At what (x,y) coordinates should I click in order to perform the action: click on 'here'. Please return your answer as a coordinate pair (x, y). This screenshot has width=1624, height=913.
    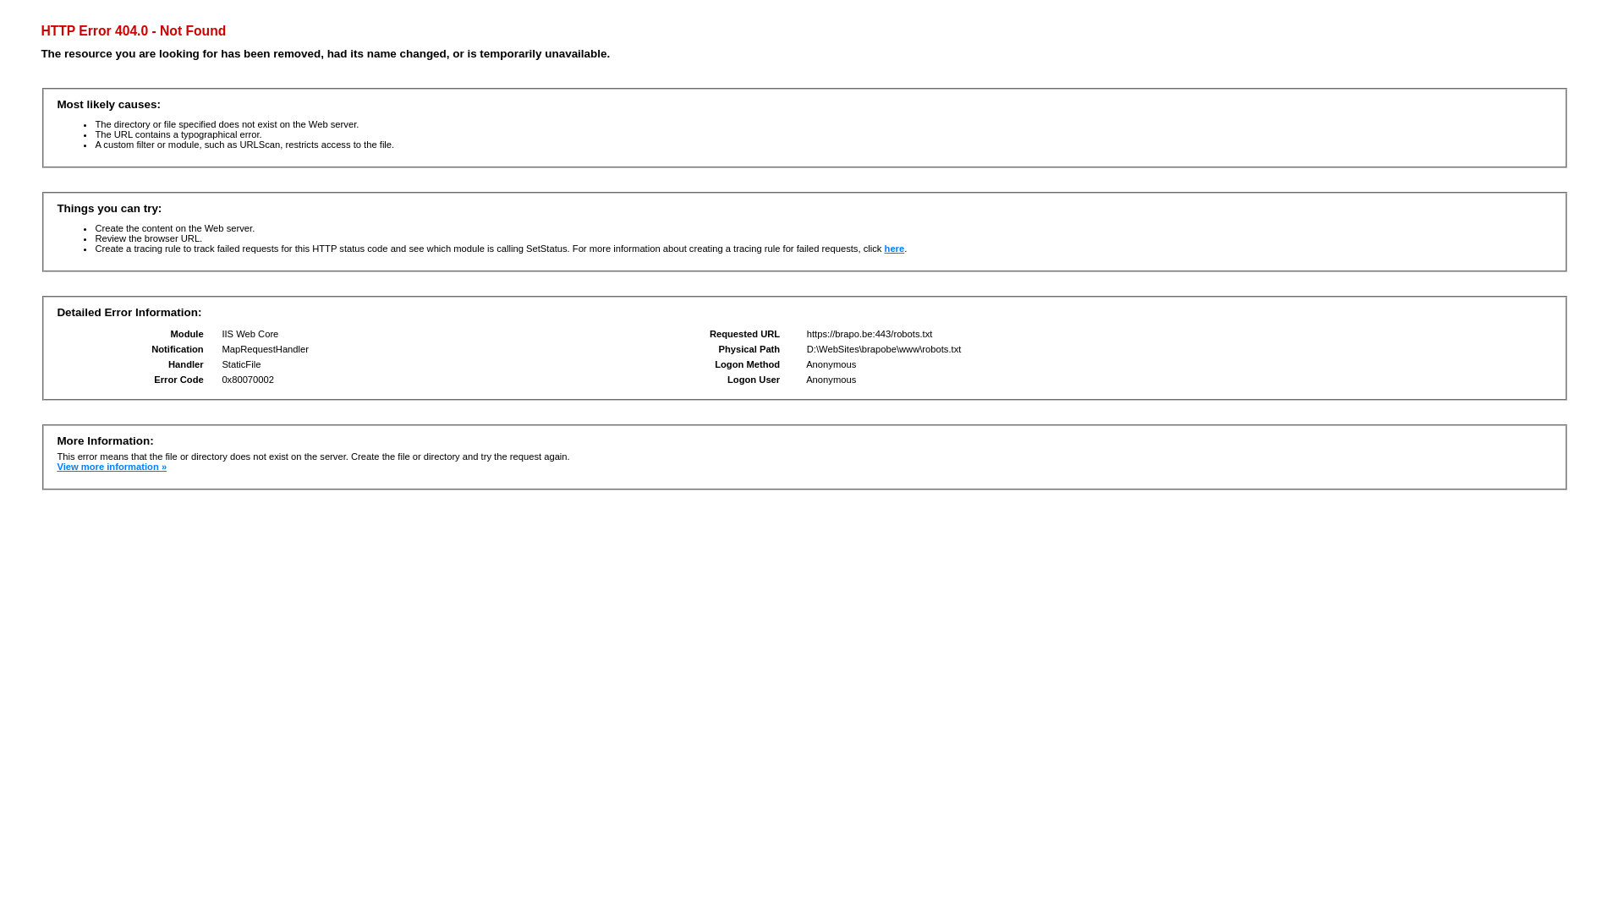
    Looking at the image, I should click on (893, 248).